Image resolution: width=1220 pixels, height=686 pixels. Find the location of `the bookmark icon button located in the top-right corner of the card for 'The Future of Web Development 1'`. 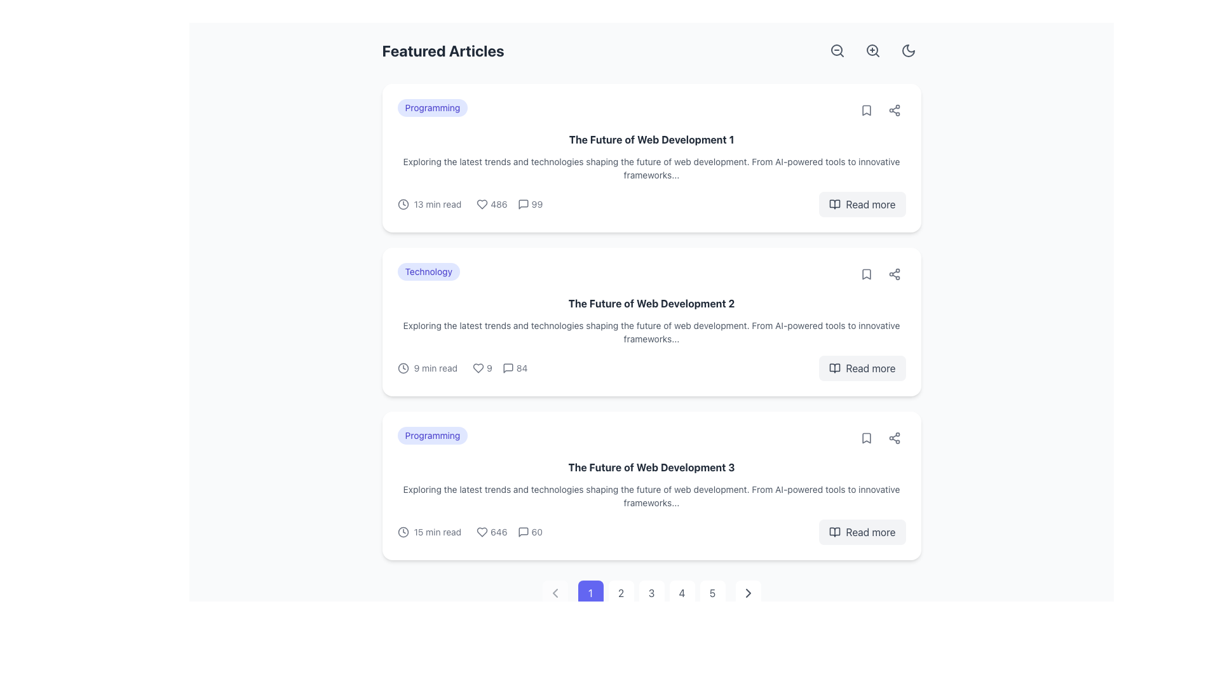

the bookmark icon button located in the top-right corner of the card for 'The Future of Web Development 1' is located at coordinates (865, 109).